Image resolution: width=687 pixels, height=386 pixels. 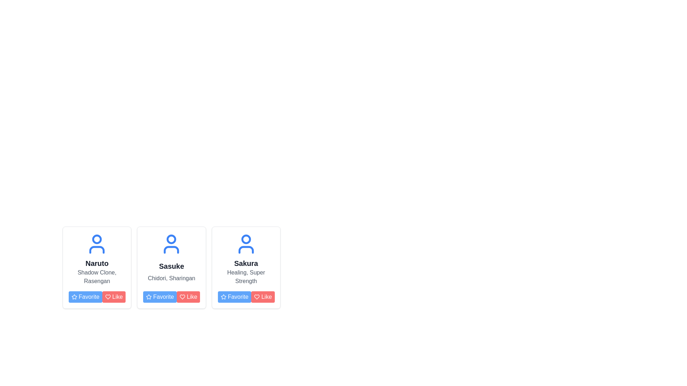 What do you see at coordinates (148, 297) in the screenshot?
I see `the blue star icon within the button component that symbolizes the 'Favorite' action, located in the second card from the left` at bounding box center [148, 297].